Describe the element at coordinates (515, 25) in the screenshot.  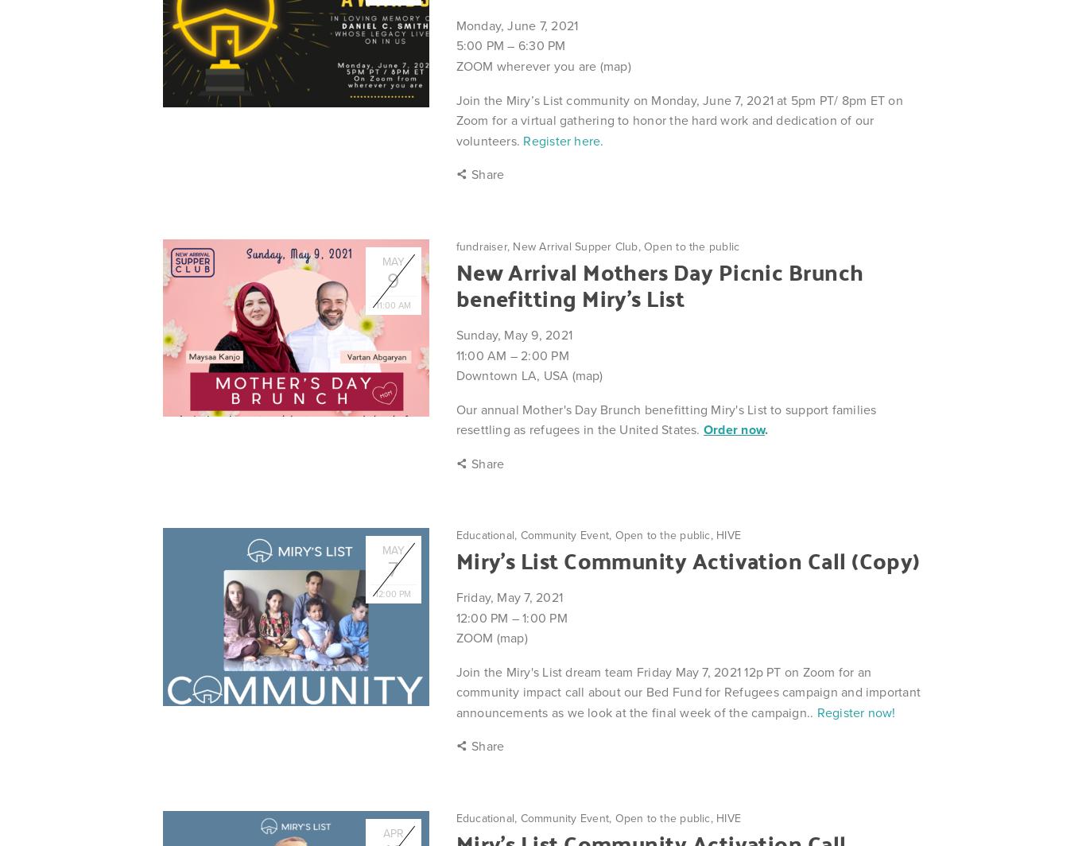
I see `'Monday, June 7, 2021'` at that location.